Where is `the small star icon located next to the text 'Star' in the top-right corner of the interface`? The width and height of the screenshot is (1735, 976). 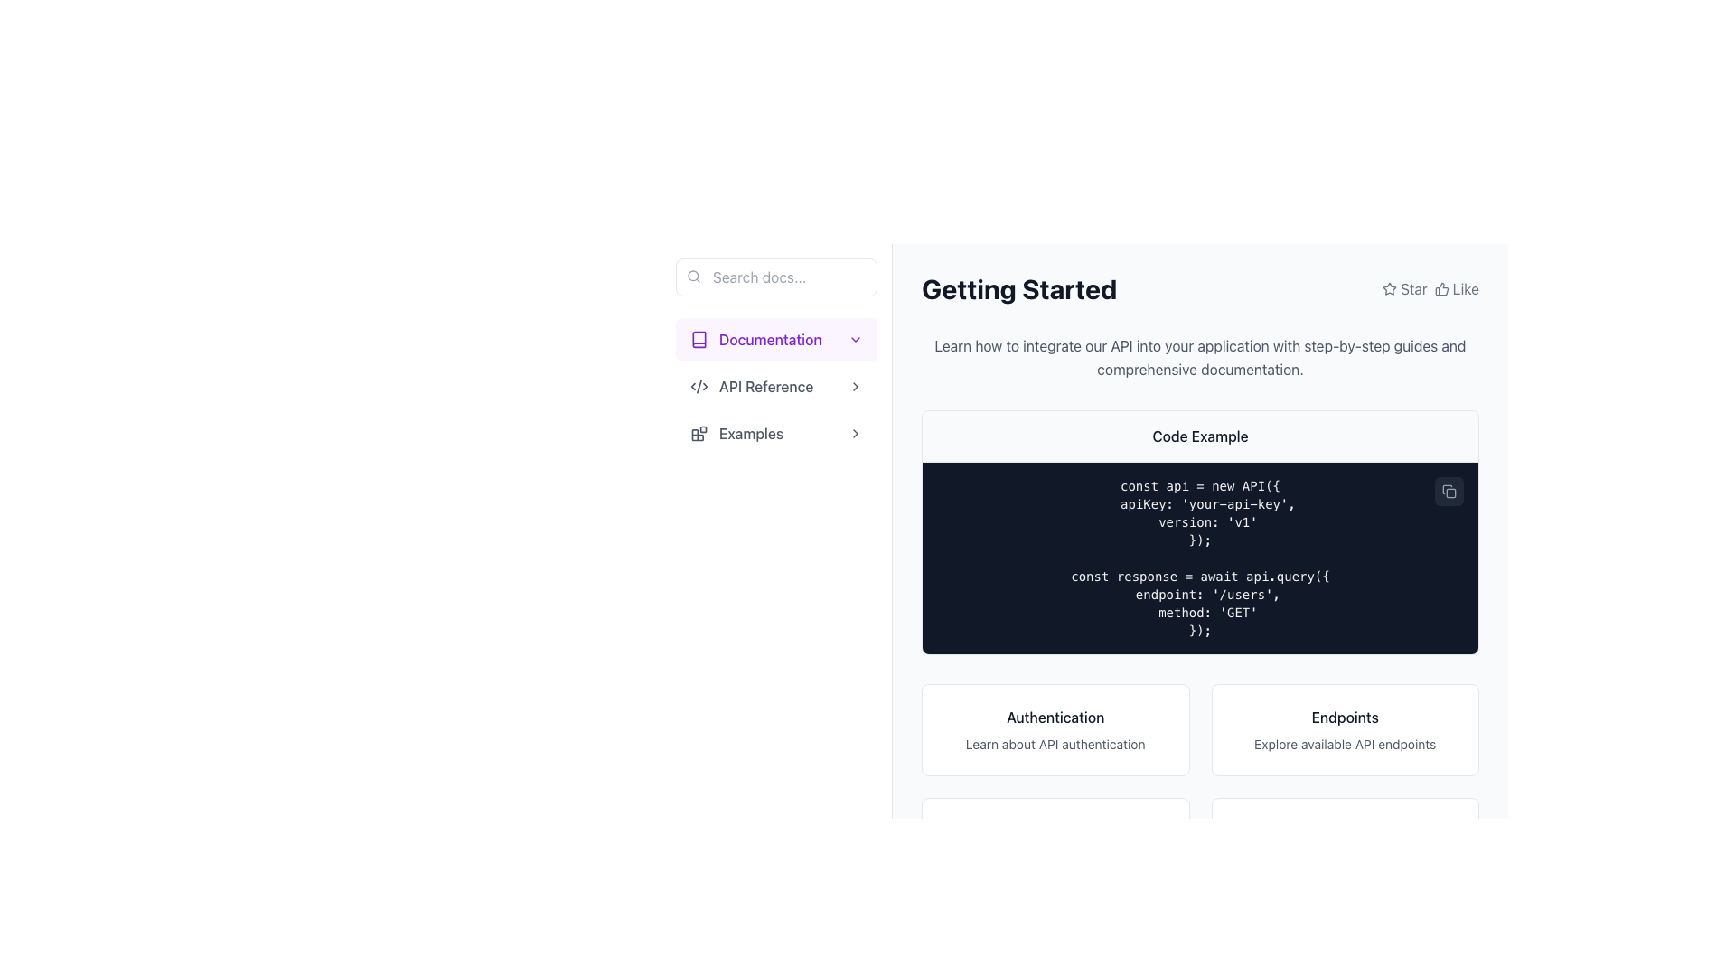
the small star icon located next to the text 'Star' in the top-right corner of the interface is located at coordinates (1389, 288).